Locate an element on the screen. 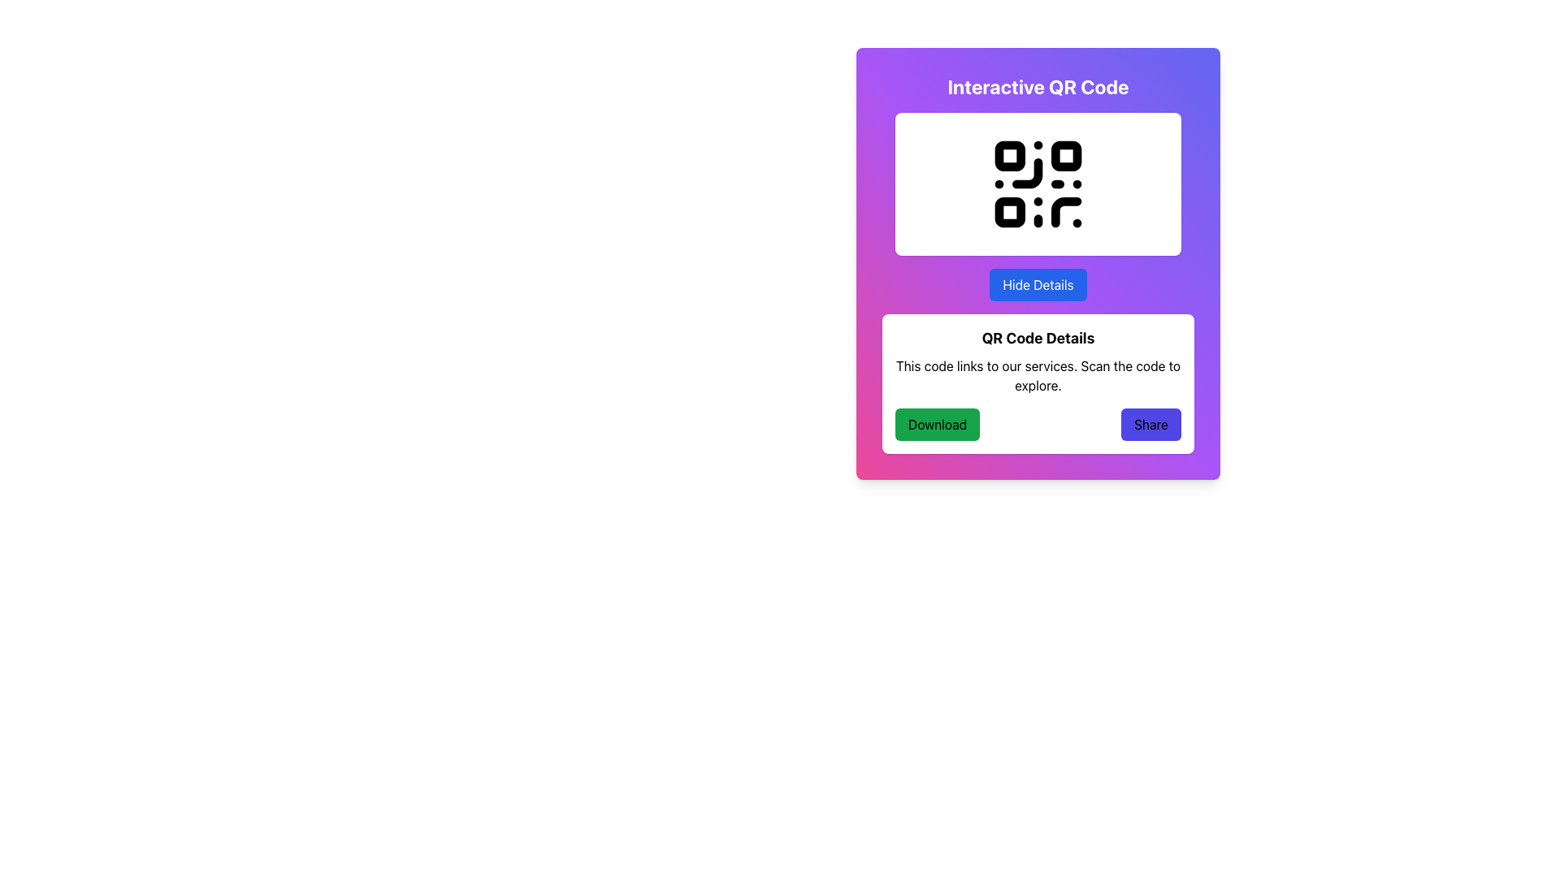 This screenshot has width=1560, height=877. the button that toggles the visibility of additional details about the QR code, located below the QR code image and above the 'QR Code Details' section is located at coordinates (1037, 284).